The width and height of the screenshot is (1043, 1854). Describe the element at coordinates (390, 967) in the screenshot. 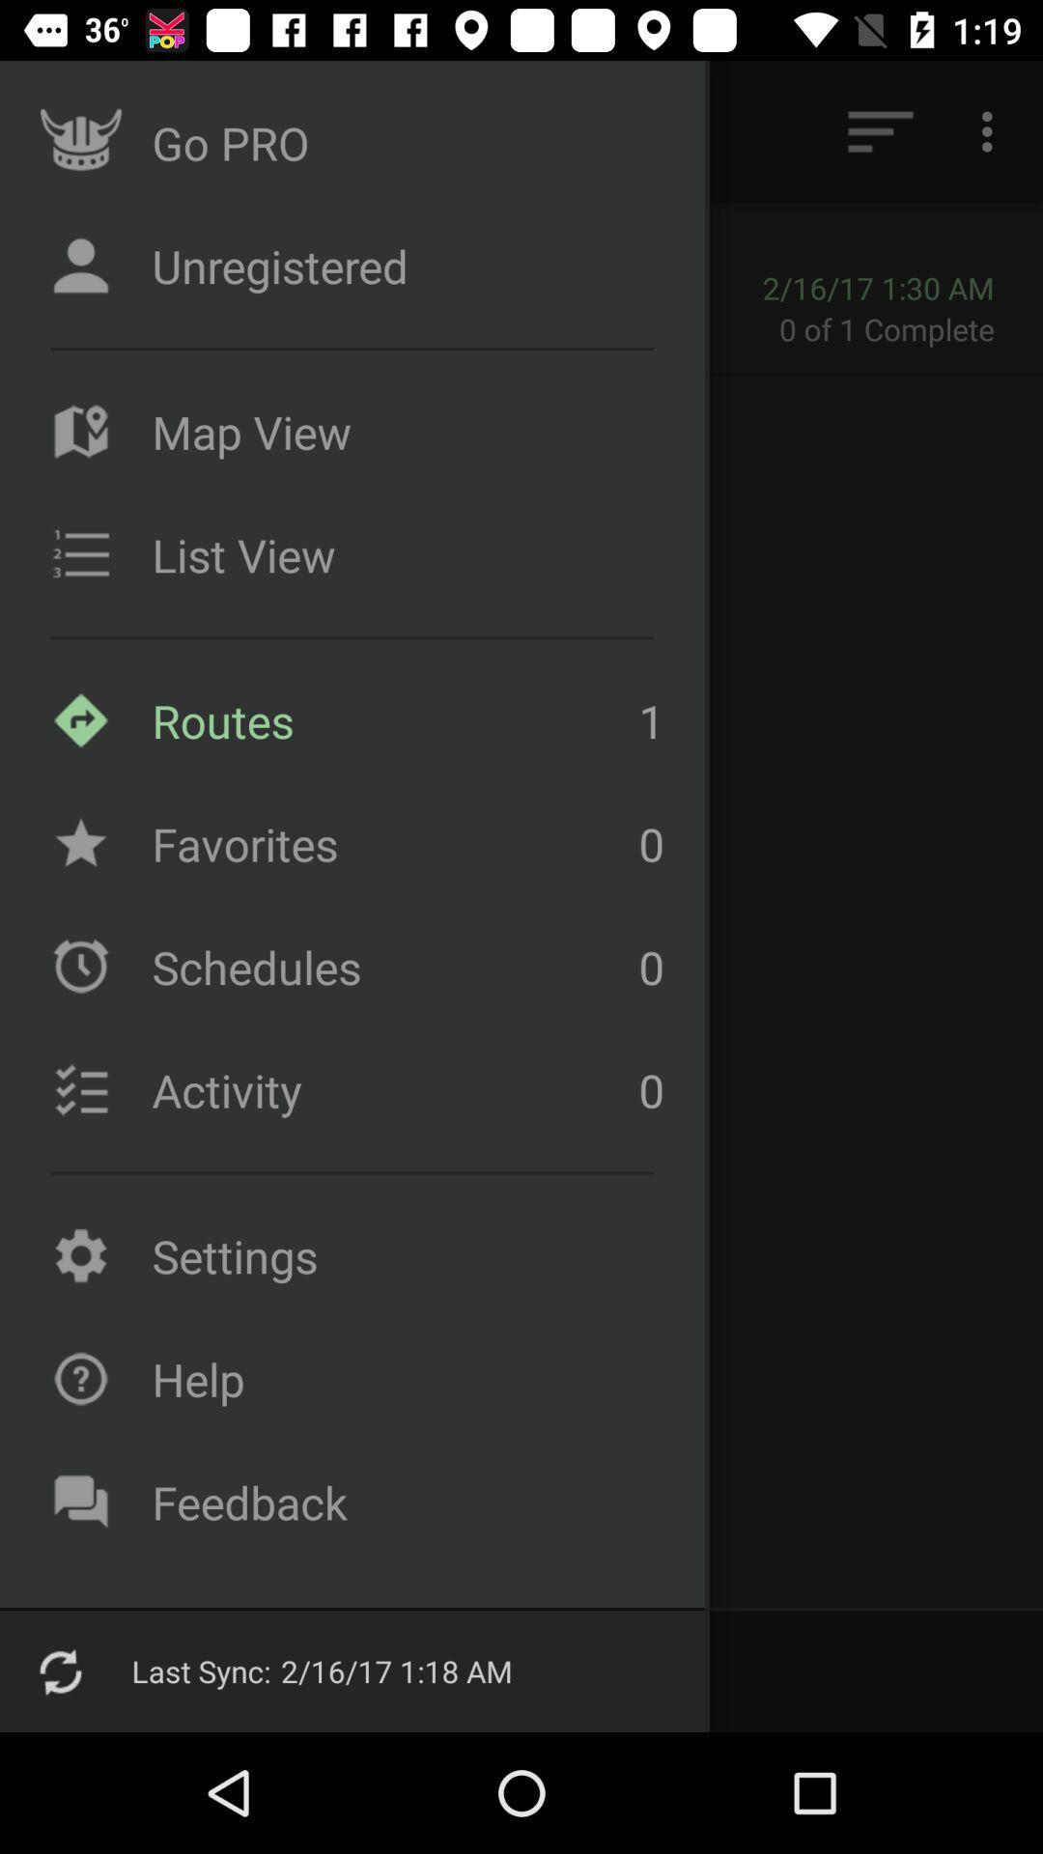

I see `item next to 0 item` at that location.